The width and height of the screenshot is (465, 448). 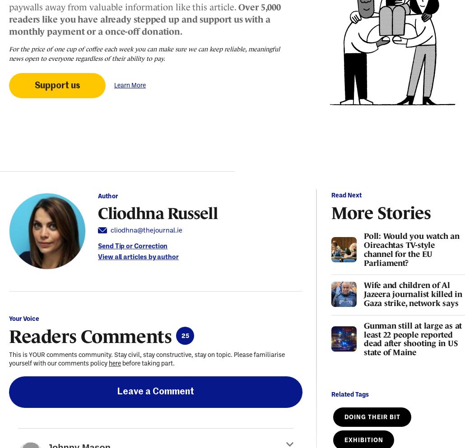 What do you see at coordinates (115, 363) in the screenshot?
I see `'here'` at bounding box center [115, 363].